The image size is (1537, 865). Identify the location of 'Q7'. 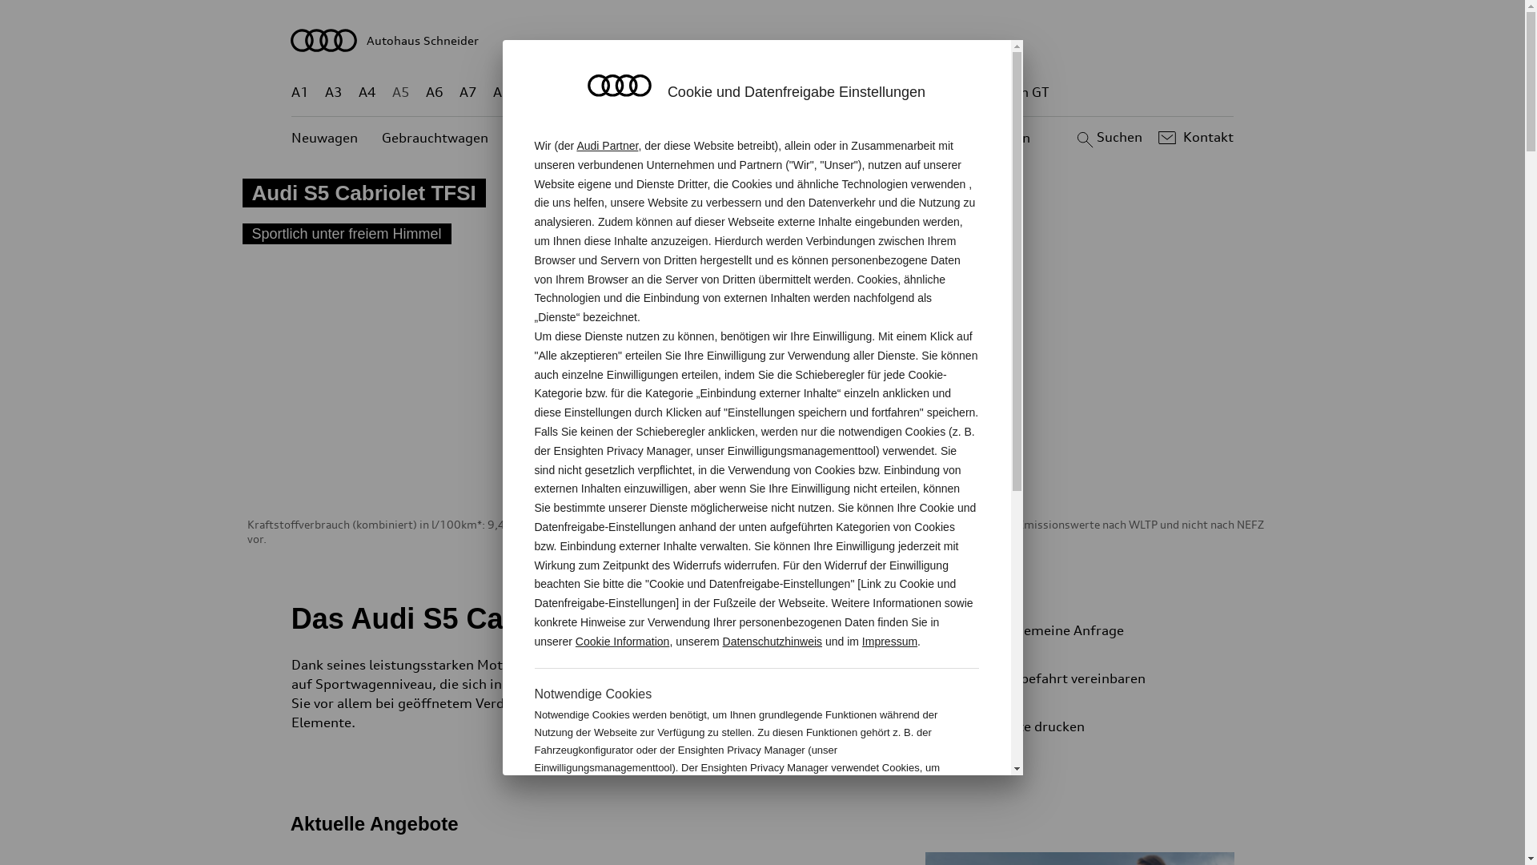
(715, 92).